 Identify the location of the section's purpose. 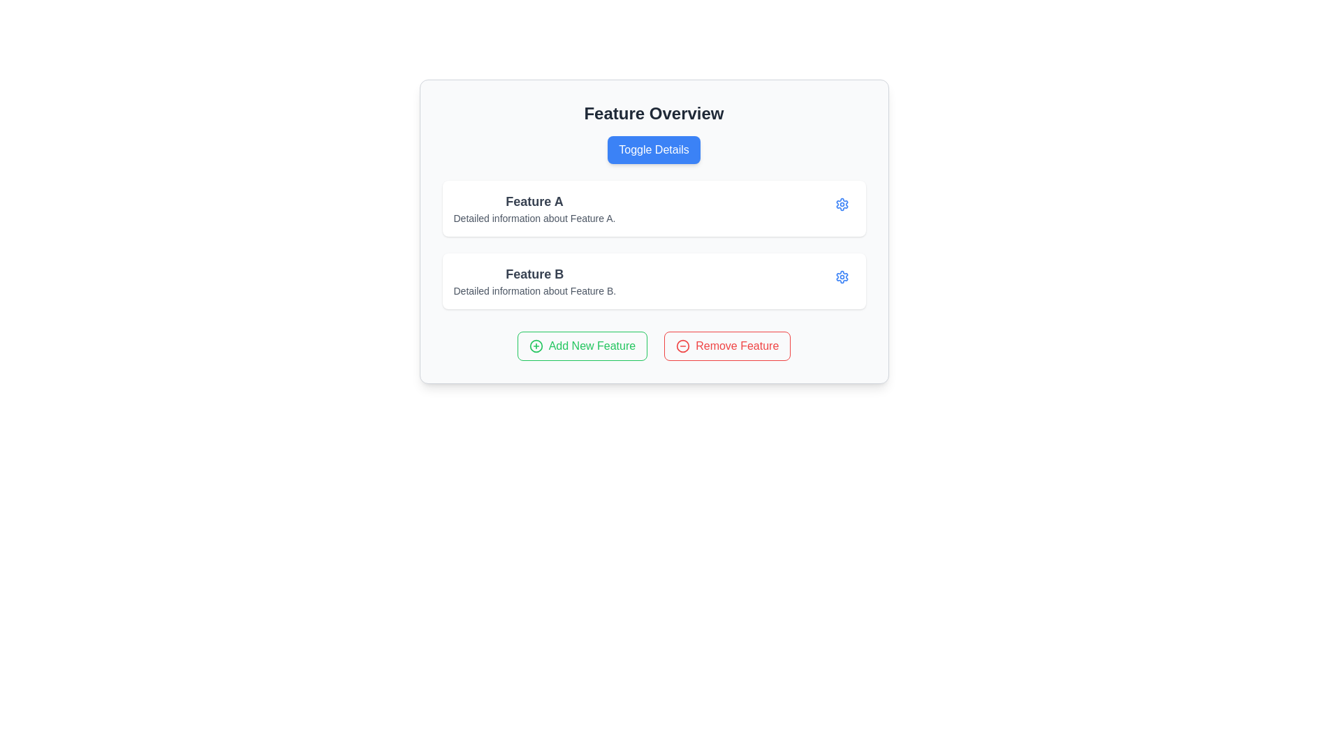
(653, 112).